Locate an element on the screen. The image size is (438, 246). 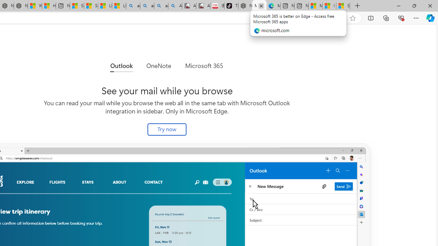
'TikTok' is located at coordinates (231, 6).